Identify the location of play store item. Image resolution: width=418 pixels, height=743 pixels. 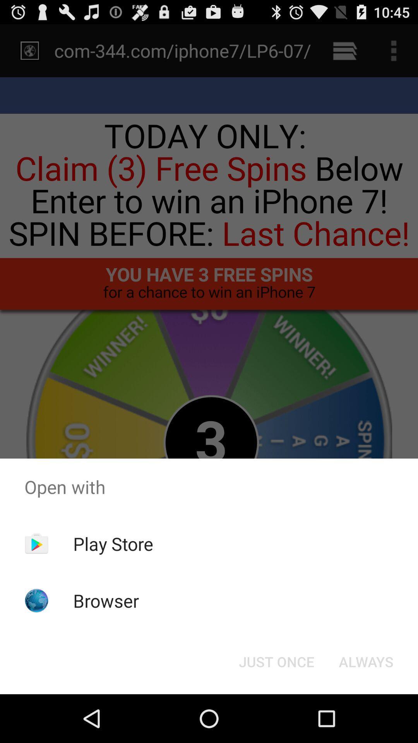
(113, 543).